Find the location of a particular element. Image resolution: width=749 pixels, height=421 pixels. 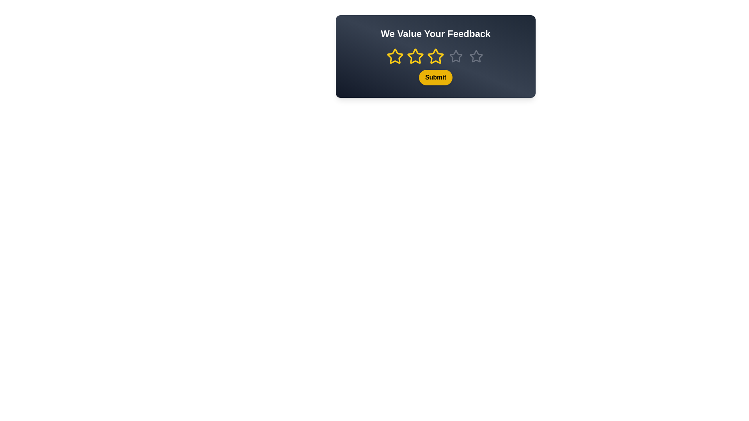

the third star in the Star Rating Component is located at coordinates (435, 56).